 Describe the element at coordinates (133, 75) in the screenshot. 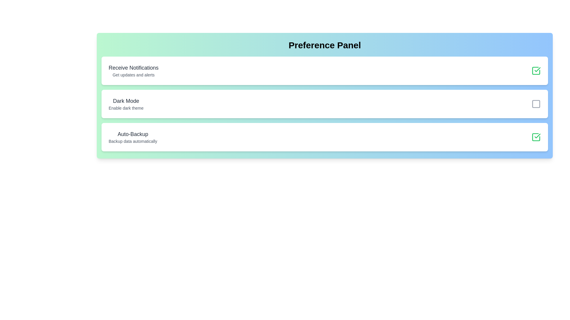

I see `the informational text label located below the title 'Receive Notifications' within the panel of the same name` at that location.